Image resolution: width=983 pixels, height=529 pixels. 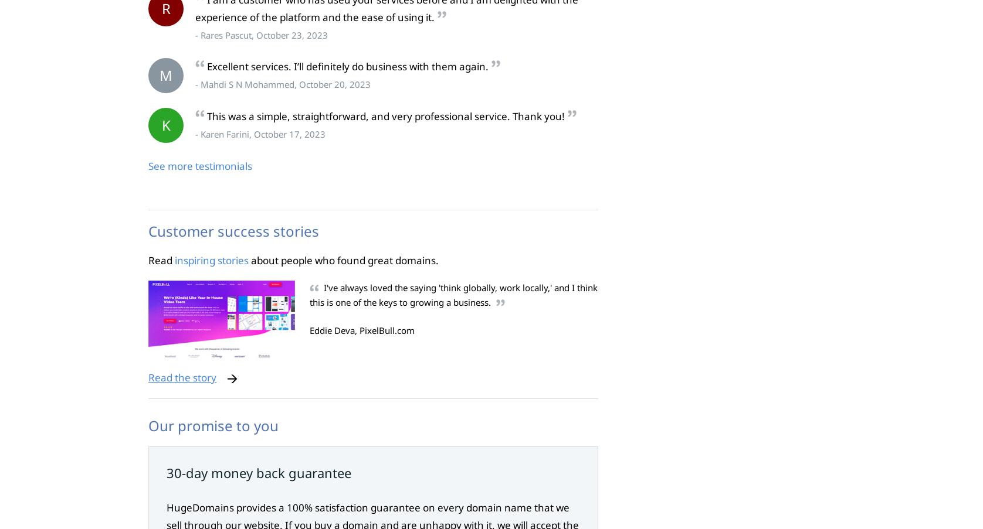 I want to click on 'K', so click(x=165, y=125).